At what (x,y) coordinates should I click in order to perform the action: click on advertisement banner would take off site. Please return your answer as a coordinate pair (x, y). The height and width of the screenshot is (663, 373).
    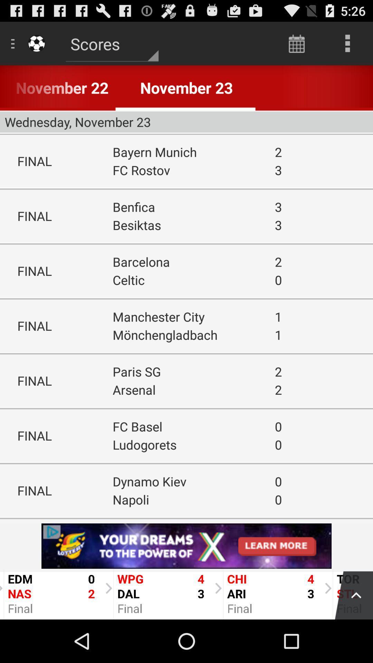
    Looking at the image, I should click on (186, 546).